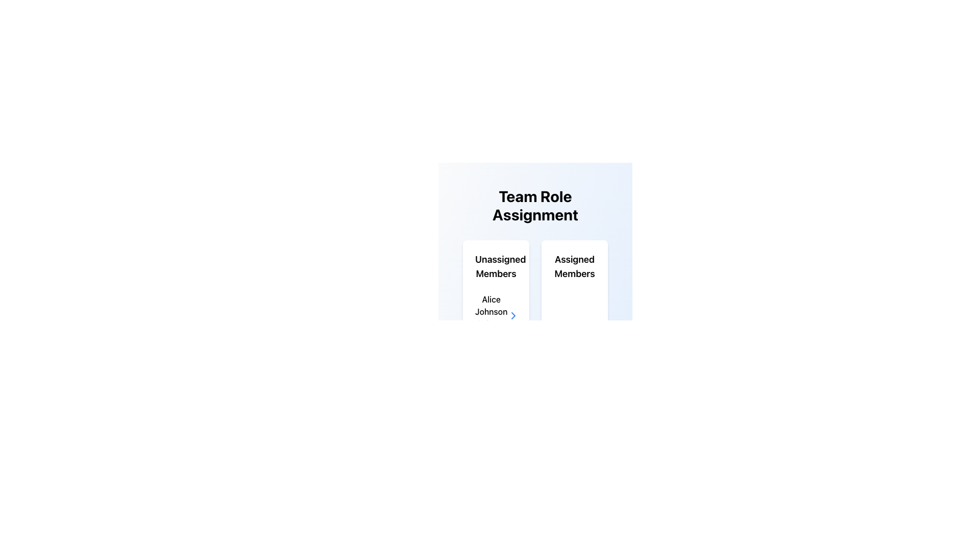  I want to click on the text display that shows 'Alice Johnson', which is located in the upper part of the card under 'Unassigned Members', so click(491, 305).